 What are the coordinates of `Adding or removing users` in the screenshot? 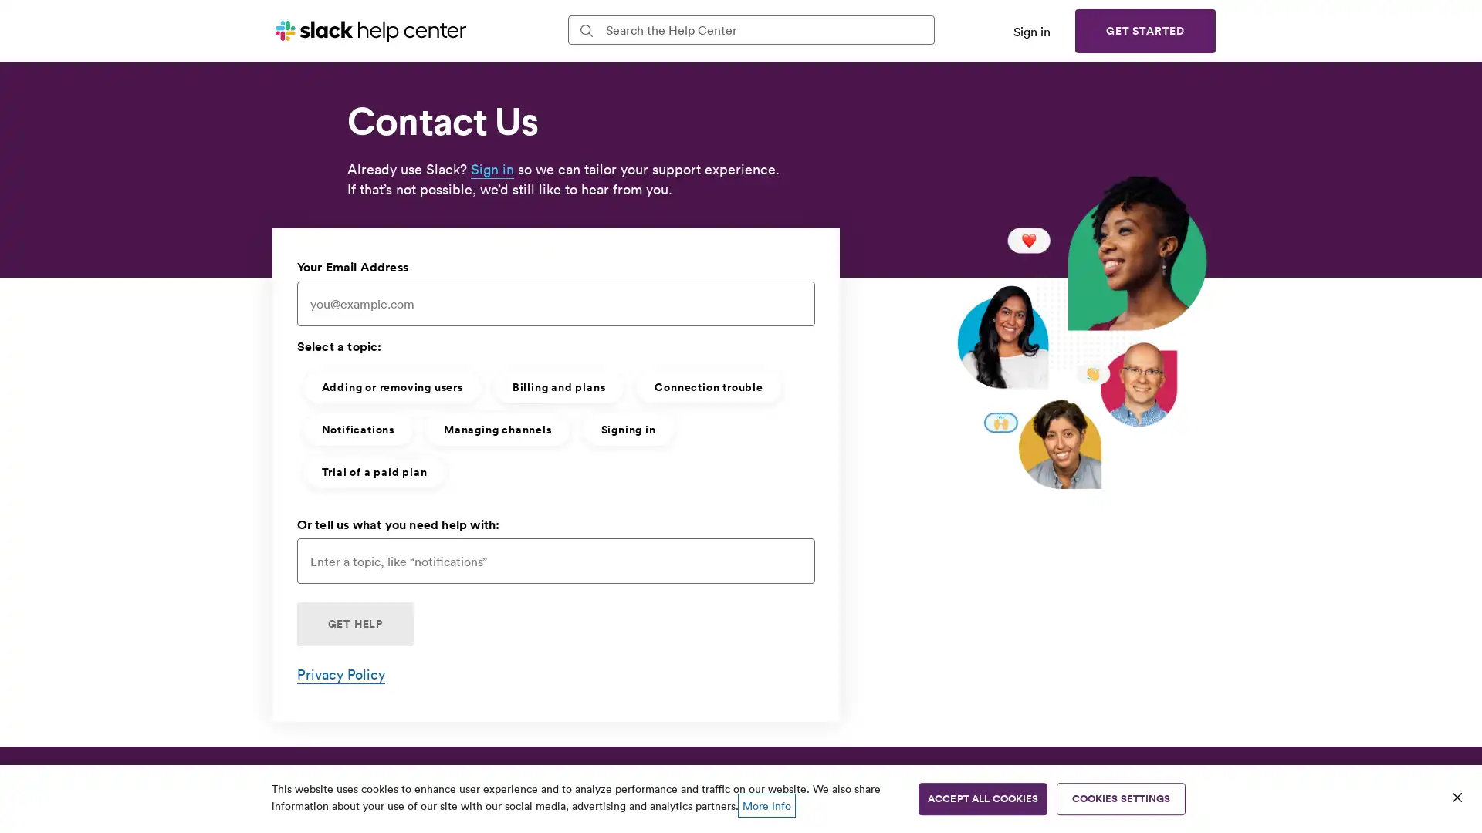 It's located at (391, 386).